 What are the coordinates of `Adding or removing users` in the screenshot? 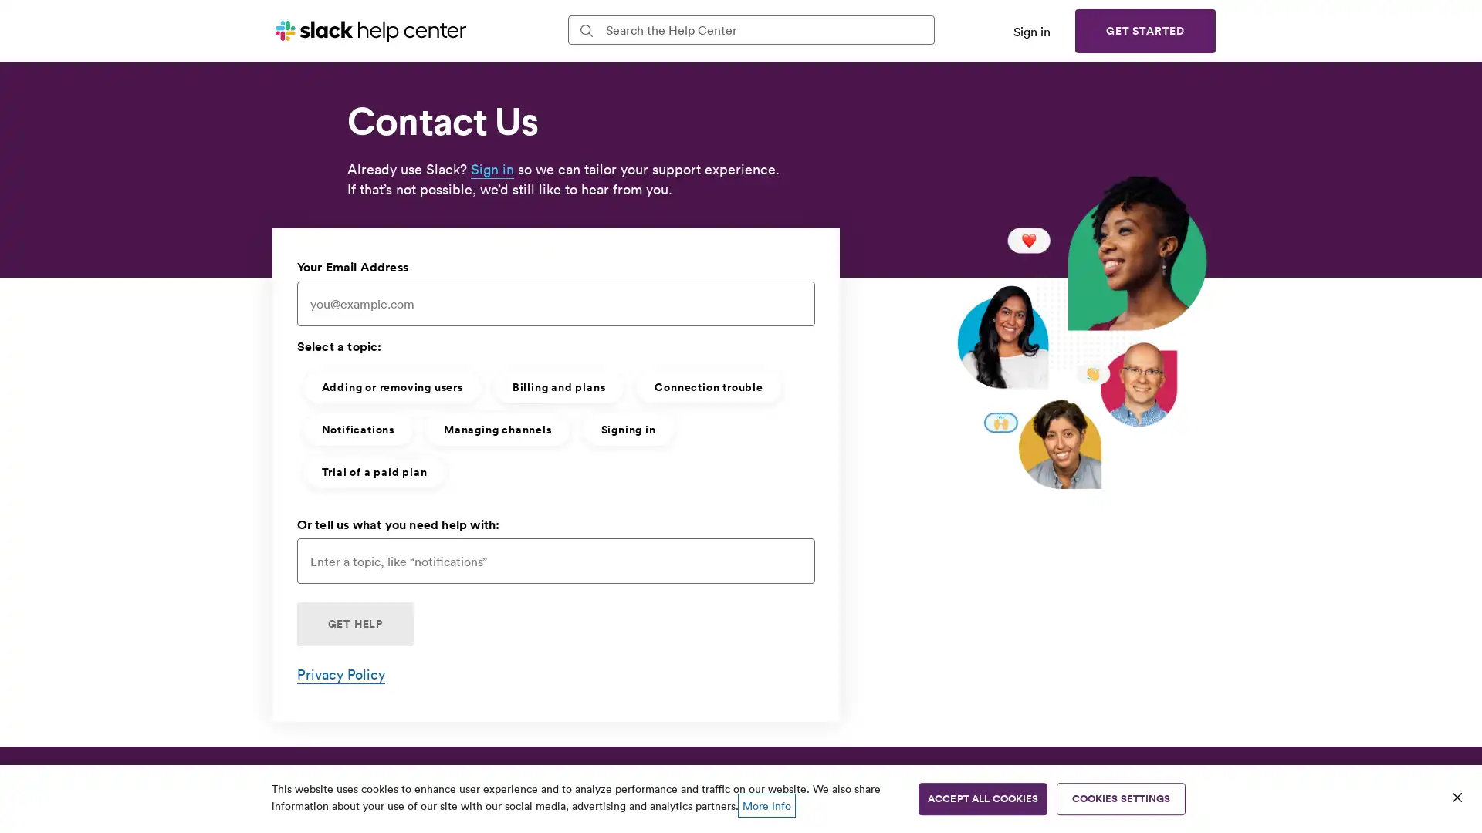 It's located at (391, 386).